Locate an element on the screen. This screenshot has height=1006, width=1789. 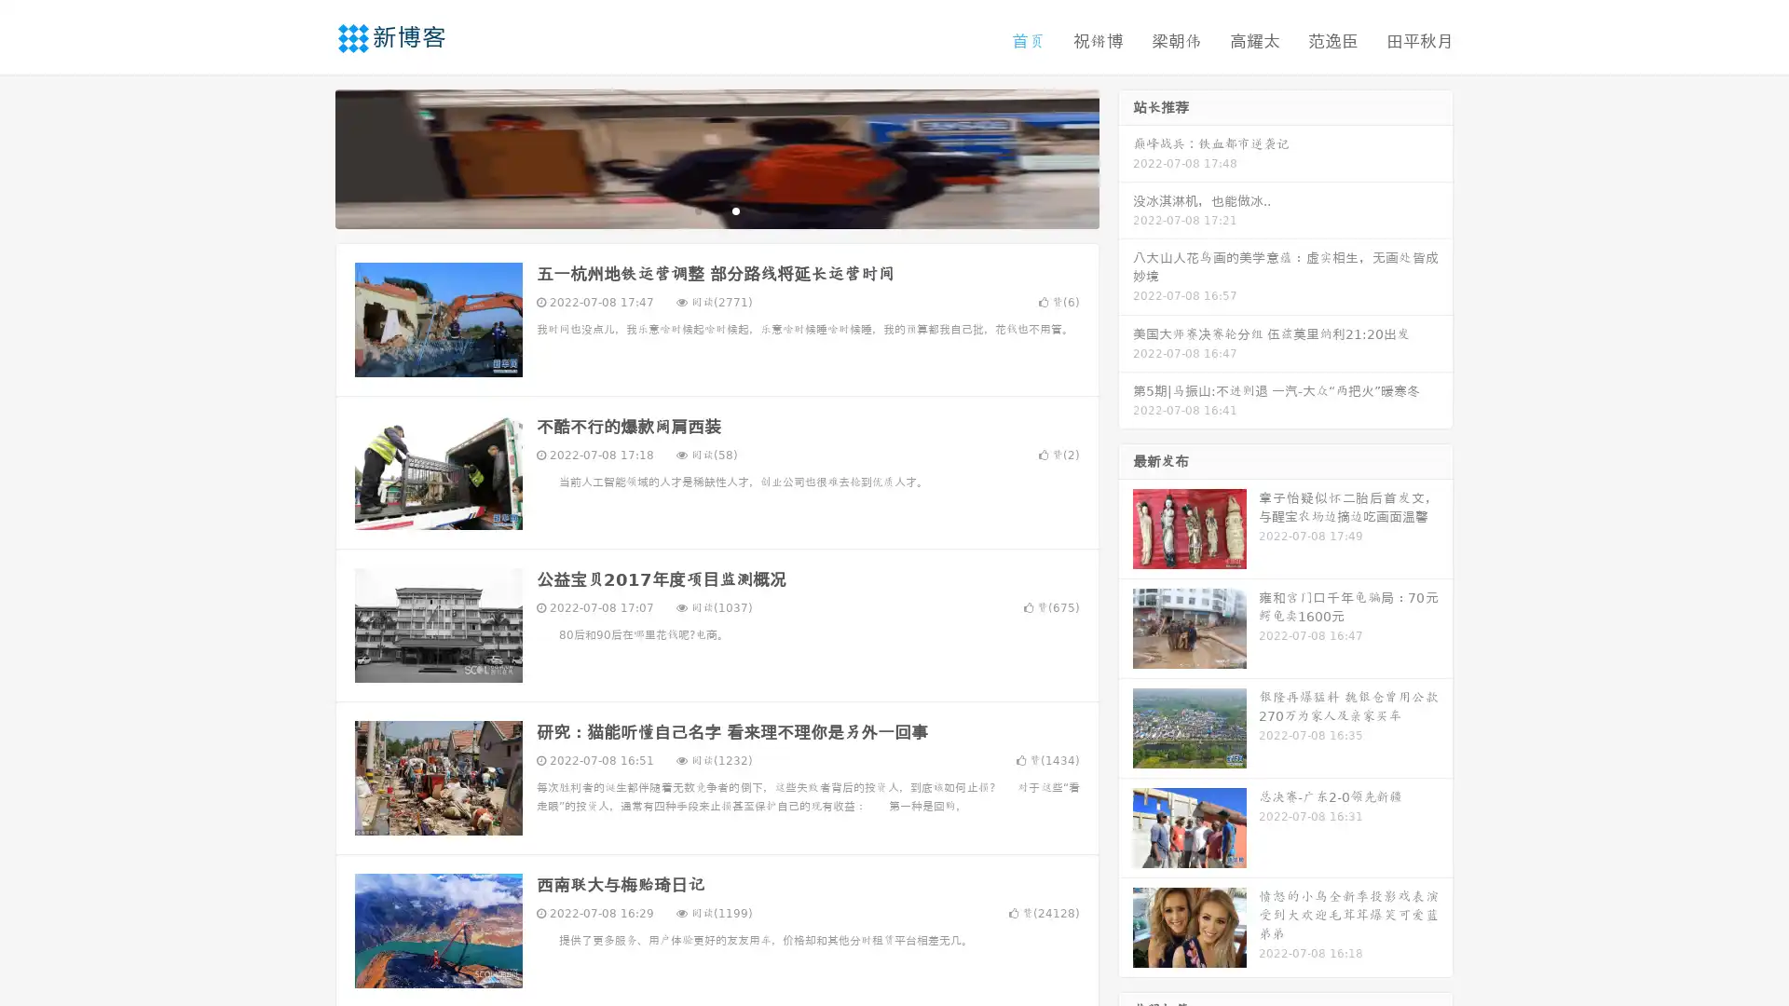
Go to slide 2 is located at coordinates (716, 210).